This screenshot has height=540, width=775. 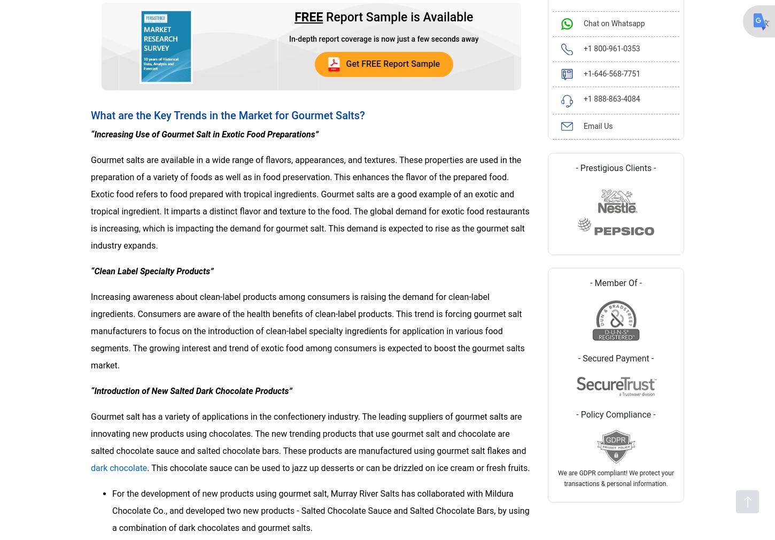 What do you see at coordinates (152, 270) in the screenshot?
I see `'“Clean Label Specialty Products”'` at bounding box center [152, 270].